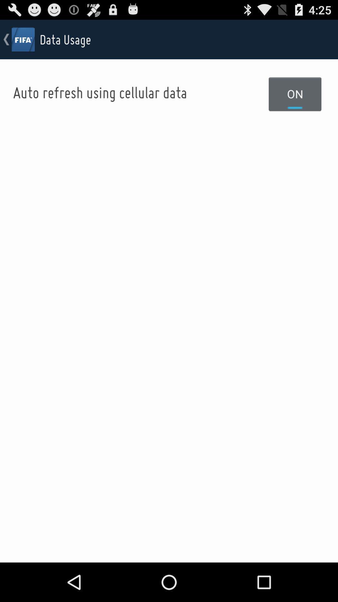 The height and width of the screenshot is (602, 338). What do you see at coordinates (295, 93) in the screenshot?
I see `on item` at bounding box center [295, 93].